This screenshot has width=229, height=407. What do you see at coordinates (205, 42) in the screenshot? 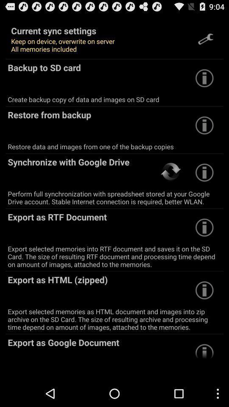
I see `the build icon` at bounding box center [205, 42].